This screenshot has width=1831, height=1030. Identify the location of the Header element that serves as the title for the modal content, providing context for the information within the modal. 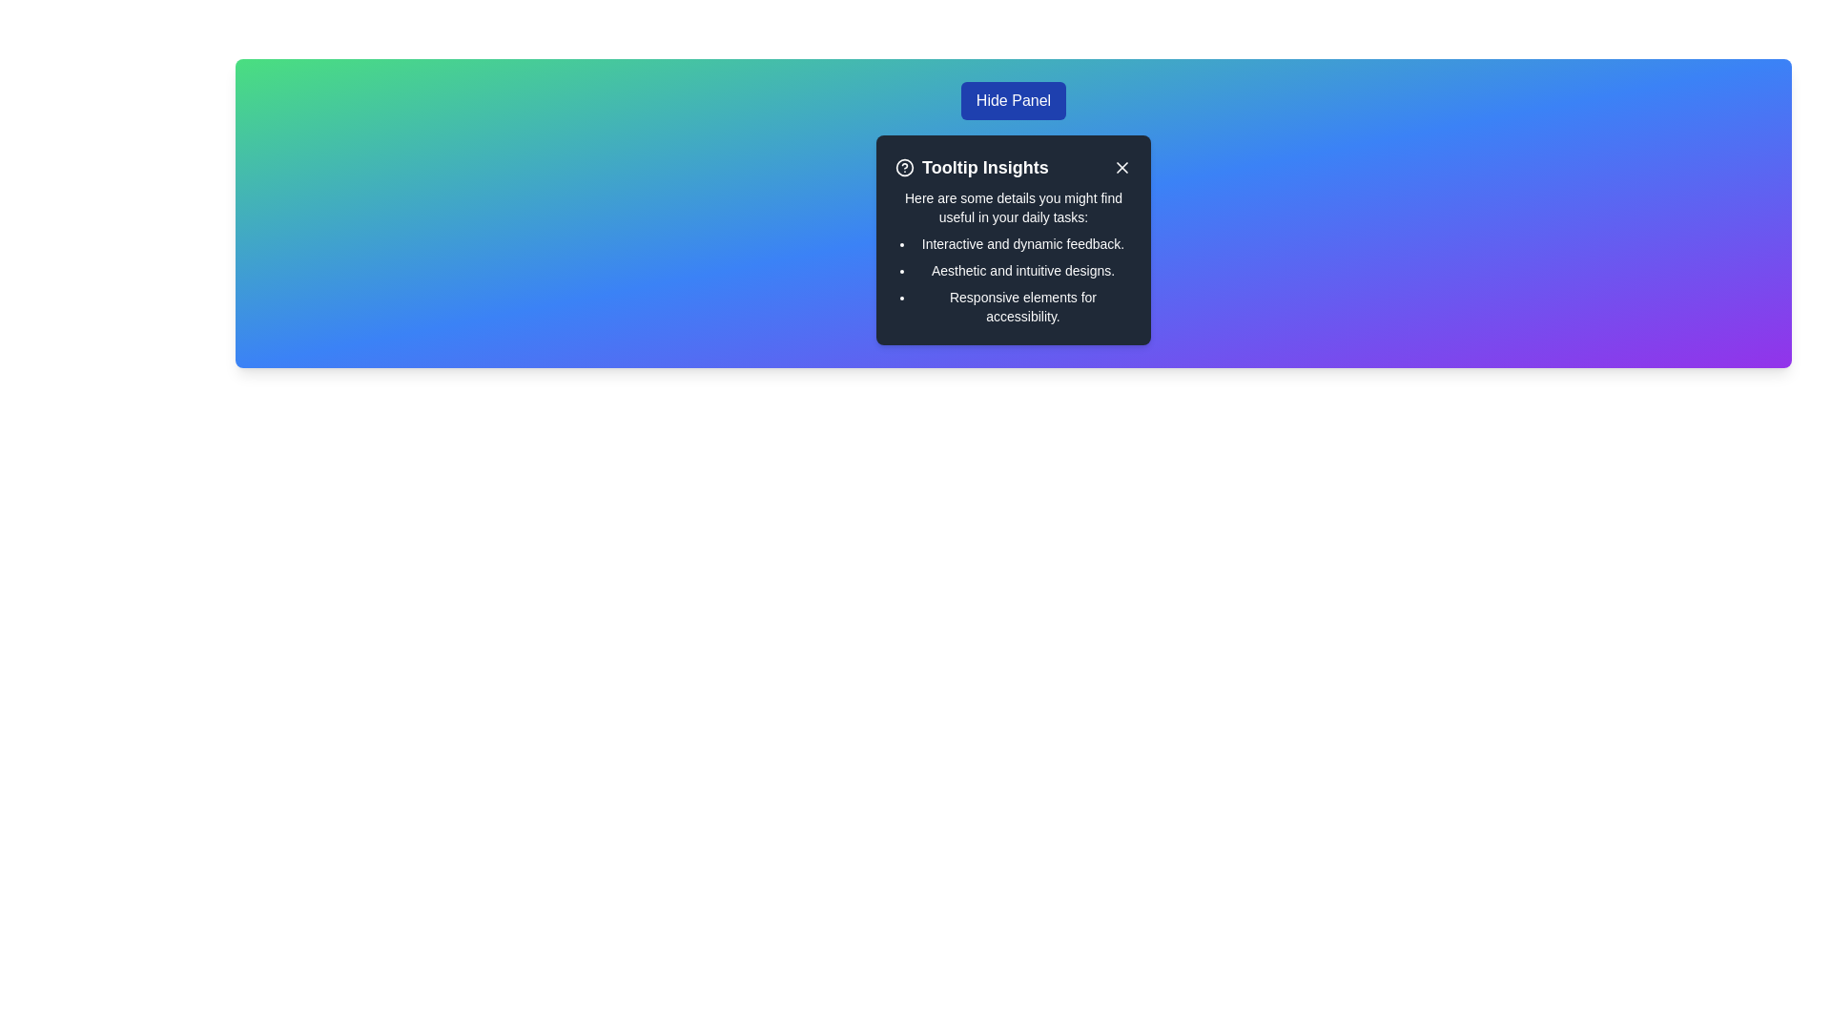
(1012, 167).